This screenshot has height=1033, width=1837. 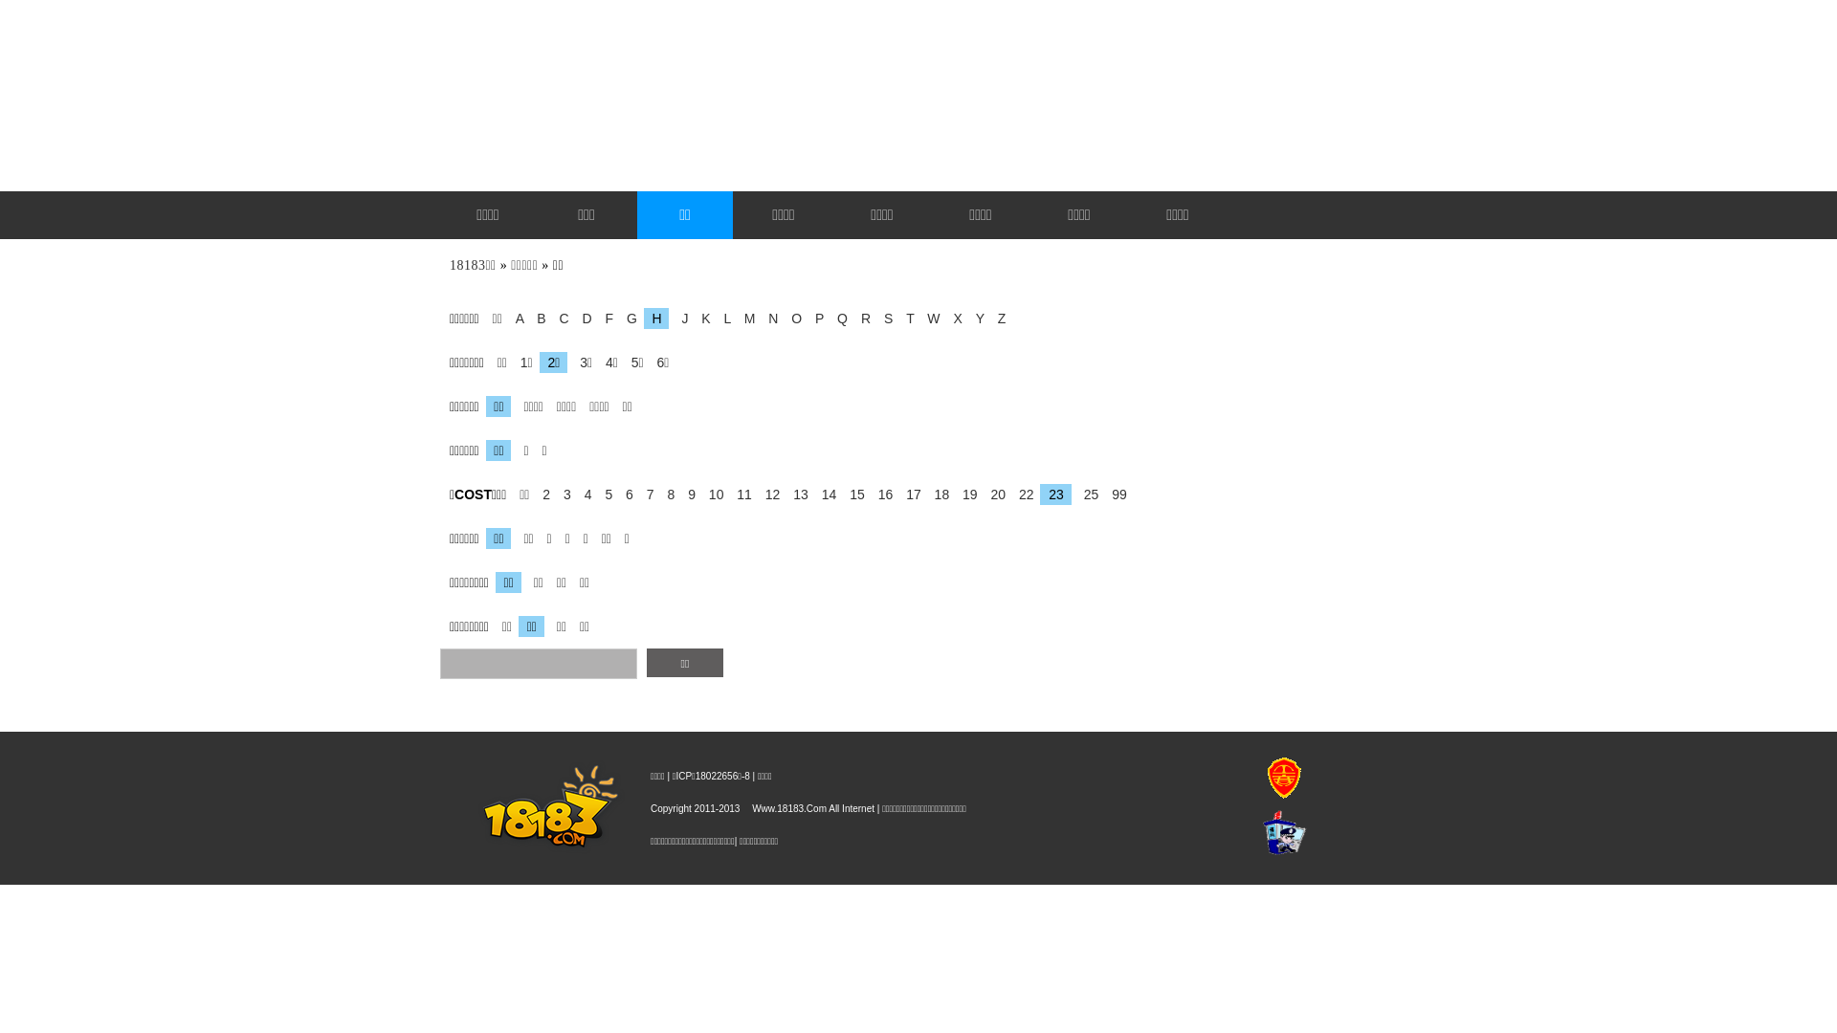 What do you see at coordinates (548, 317) in the screenshot?
I see `'C'` at bounding box center [548, 317].